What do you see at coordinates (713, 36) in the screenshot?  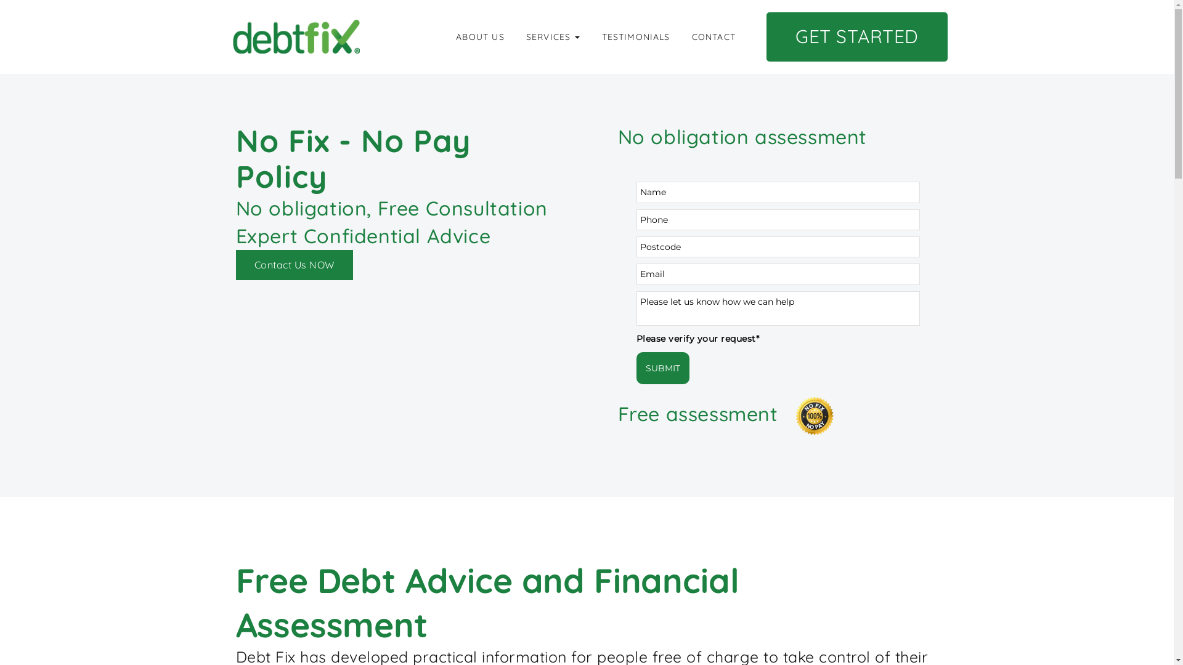 I see `'CONTACT'` at bounding box center [713, 36].